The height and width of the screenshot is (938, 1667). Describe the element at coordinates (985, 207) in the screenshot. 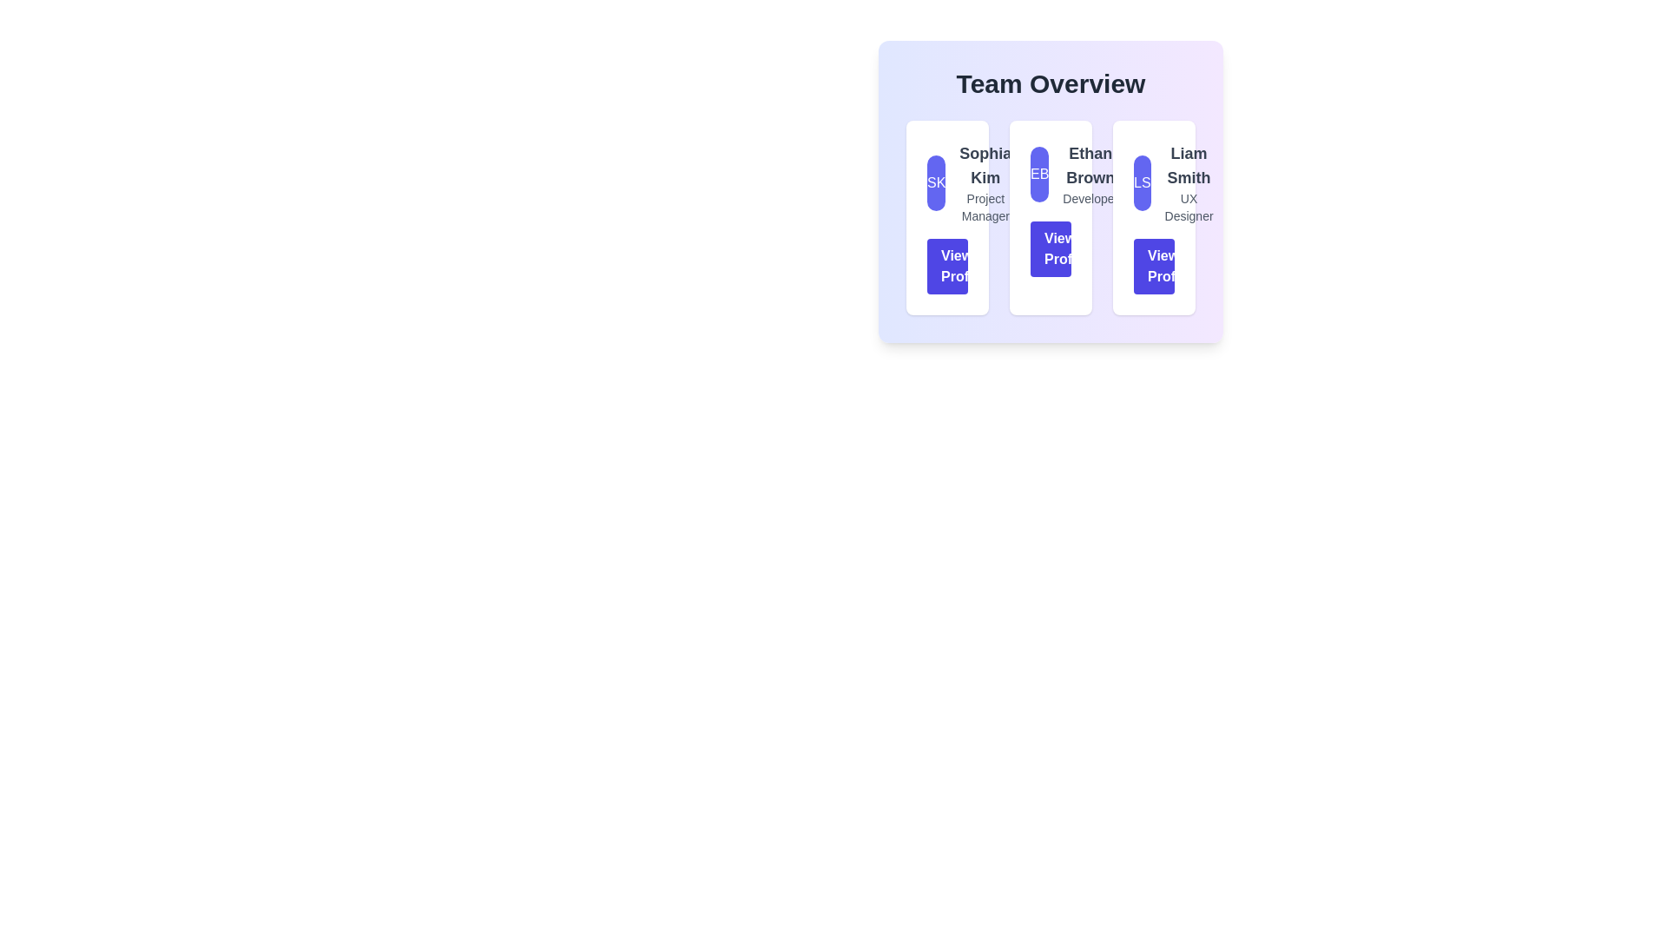

I see `the text label reading 'Project Manager' which is styled in a small gray font and located beneath the name 'Sophia Kim' in the first column of the 'Team Overview' layout` at that location.